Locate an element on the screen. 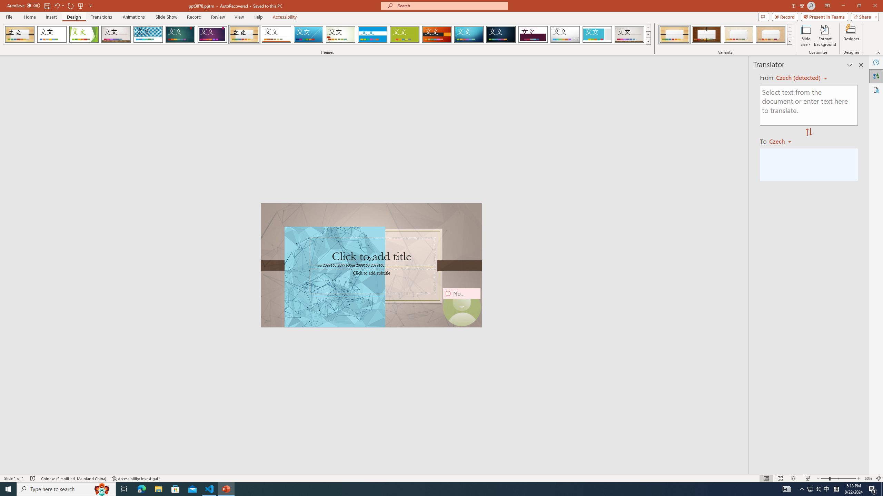 The width and height of the screenshot is (883, 496). 'Retrospect' is located at coordinates (276, 34).